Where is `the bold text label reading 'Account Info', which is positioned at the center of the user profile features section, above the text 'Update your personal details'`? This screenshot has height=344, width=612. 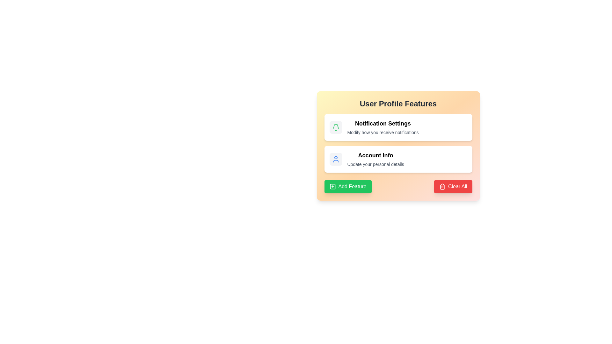
the bold text label reading 'Account Info', which is positioned at the center of the user profile features section, above the text 'Update your personal details' is located at coordinates (375, 155).